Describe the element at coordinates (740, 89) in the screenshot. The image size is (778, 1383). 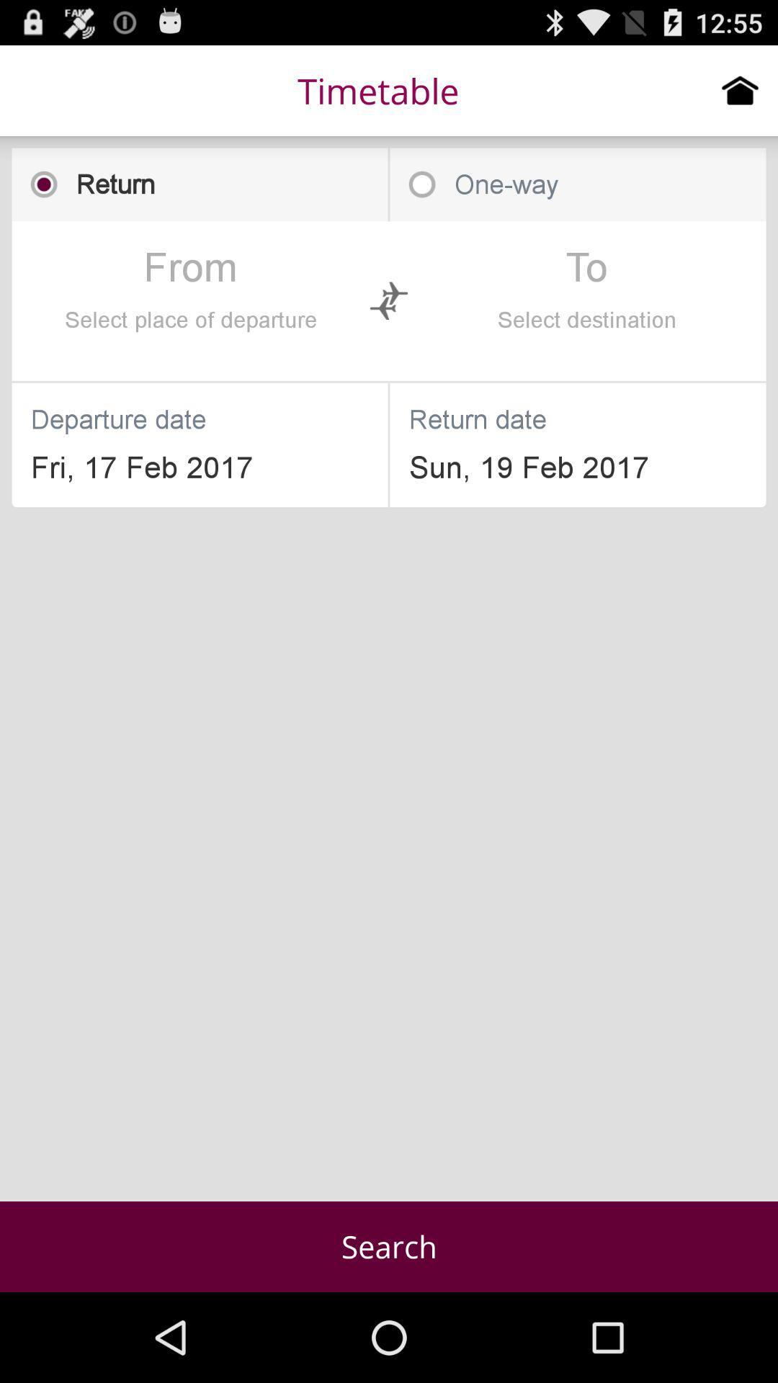
I see `the item above the one-way` at that location.